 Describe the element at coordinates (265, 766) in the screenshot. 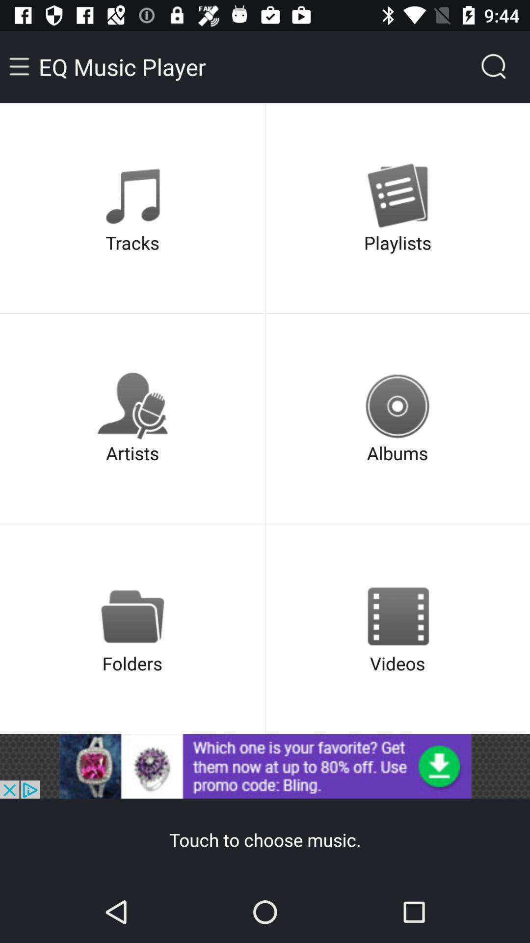

I see `open advertisement` at that location.